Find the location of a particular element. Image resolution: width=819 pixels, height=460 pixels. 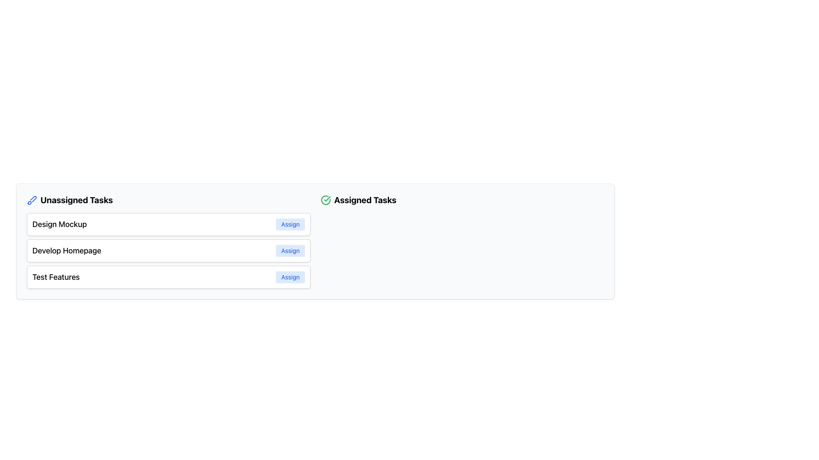

the circular icon indicating a completed task located near the 'Assigned Tasks' label on the right side of the interface is located at coordinates (327, 198).